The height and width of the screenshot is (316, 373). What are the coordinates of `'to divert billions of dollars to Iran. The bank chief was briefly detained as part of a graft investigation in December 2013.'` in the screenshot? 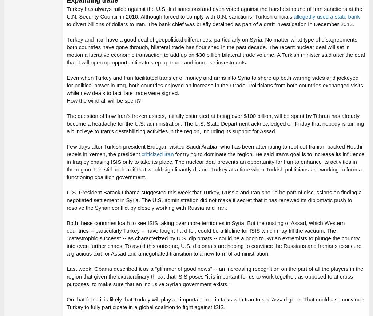 It's located at (210, 24).